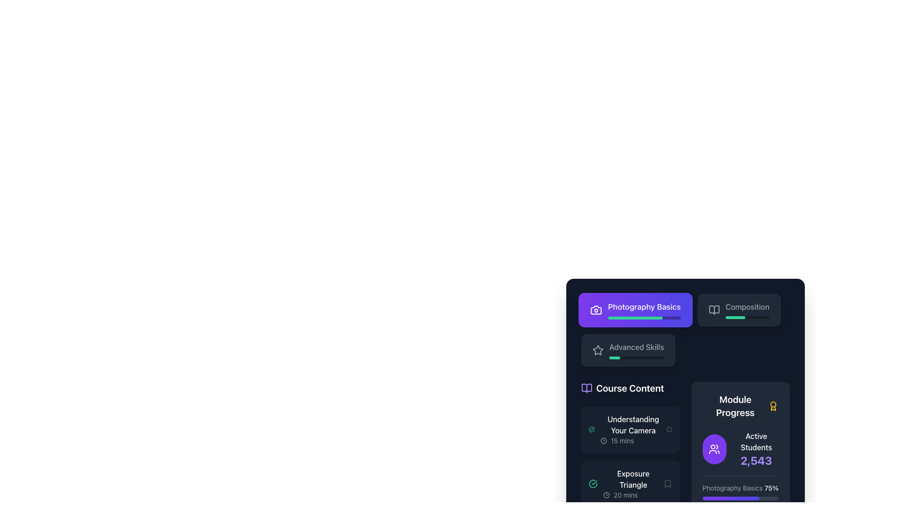 This screenshot has width=900, height=506. What do you see at coordinates (633, 484) in the screenshot?
I see `the lesson item titled 'Exposure Triangle' in the 'Course Content' section` at bounding box center [633, 484].